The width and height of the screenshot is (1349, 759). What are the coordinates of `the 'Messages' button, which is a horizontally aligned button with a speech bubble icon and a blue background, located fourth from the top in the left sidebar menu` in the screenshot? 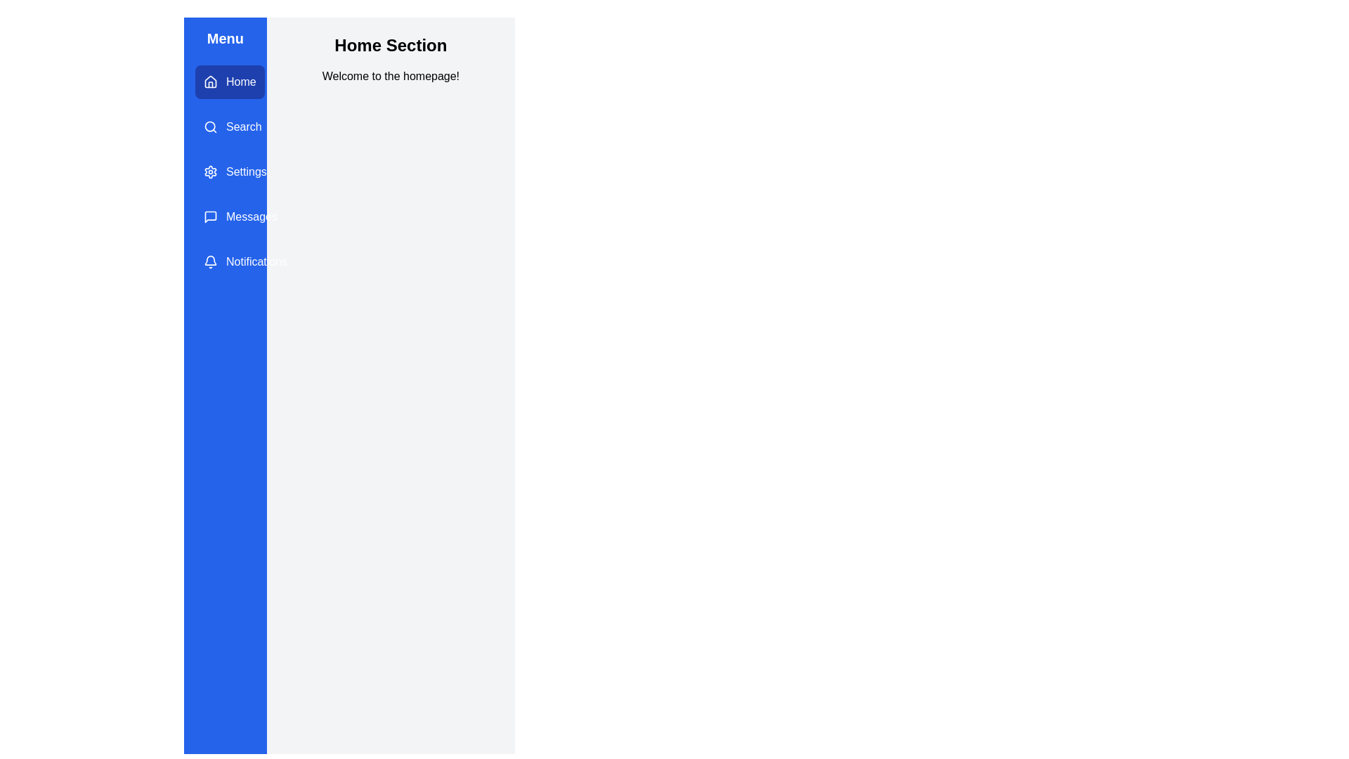 It's located at (240, 216).